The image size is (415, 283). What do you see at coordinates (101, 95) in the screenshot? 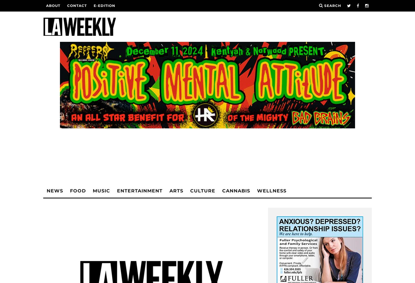
I see `'2017'` at bounding box center [101, 95].